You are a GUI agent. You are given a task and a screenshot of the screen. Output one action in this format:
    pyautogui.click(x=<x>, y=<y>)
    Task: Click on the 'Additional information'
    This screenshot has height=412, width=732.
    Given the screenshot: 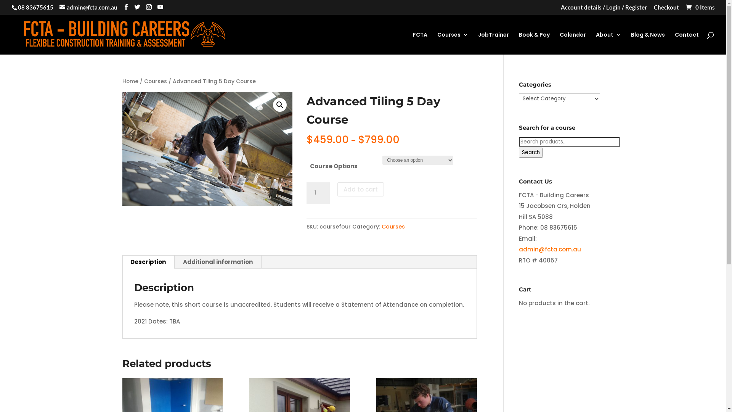 What is the action you would take?
    pyautogui.click(x=174, y=261)
    